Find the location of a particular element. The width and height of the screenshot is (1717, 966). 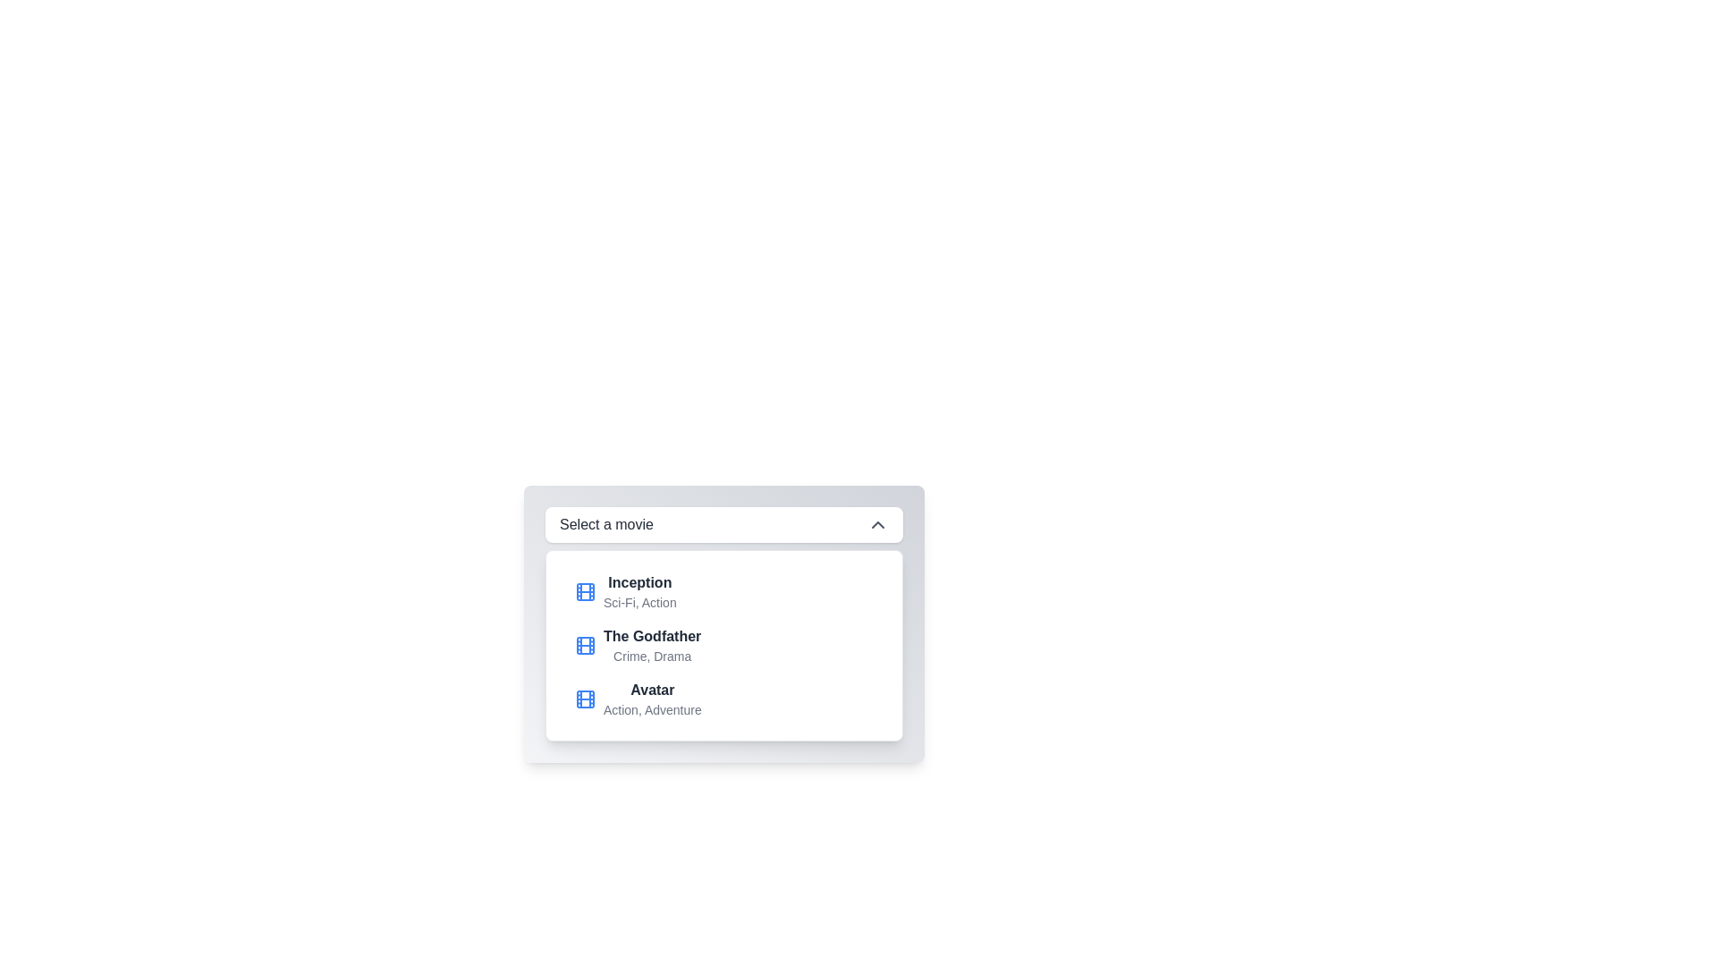

the 'Avatar' option in the dropdown menu labeled 'Select a movie' is located at coordinates (638, 699).